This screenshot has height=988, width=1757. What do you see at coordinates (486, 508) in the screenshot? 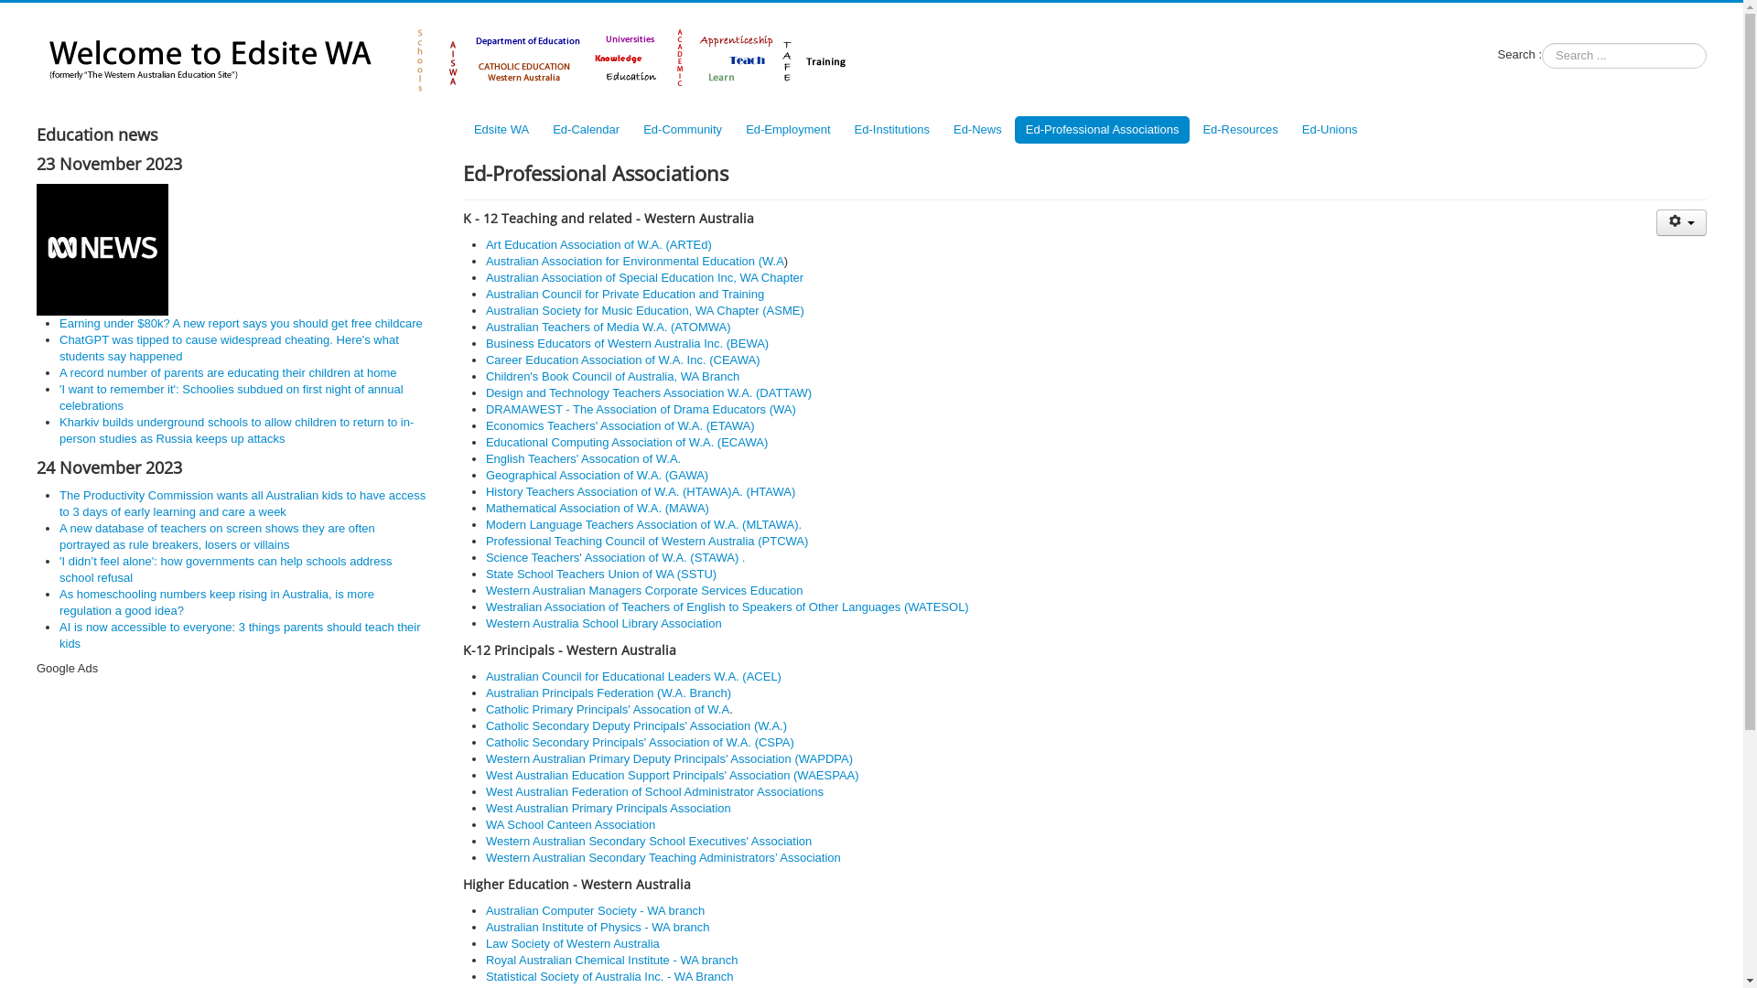
I see `'Mathematical Association of W.A. (MAWA)'` at bounding box center [486, 508].